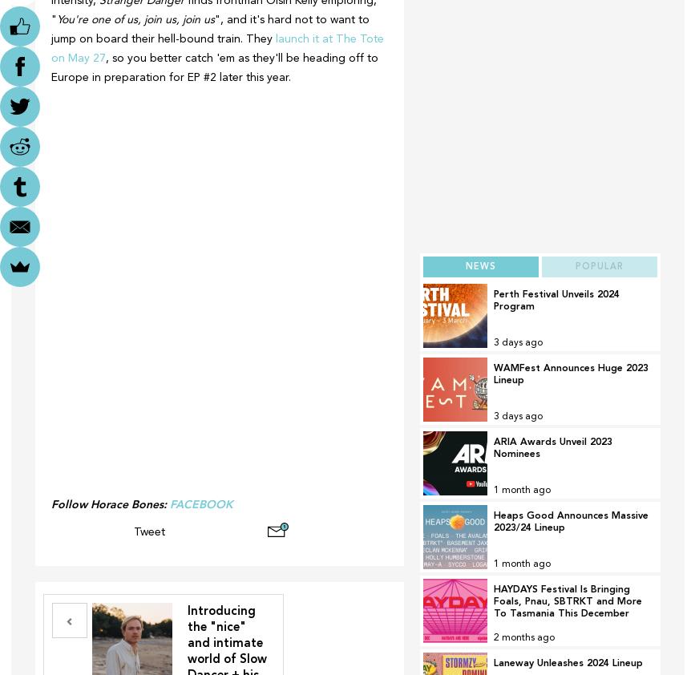  Describe the element at coordinates (523, 639) in the screenshot. I see `'4  months ago'` at that location.